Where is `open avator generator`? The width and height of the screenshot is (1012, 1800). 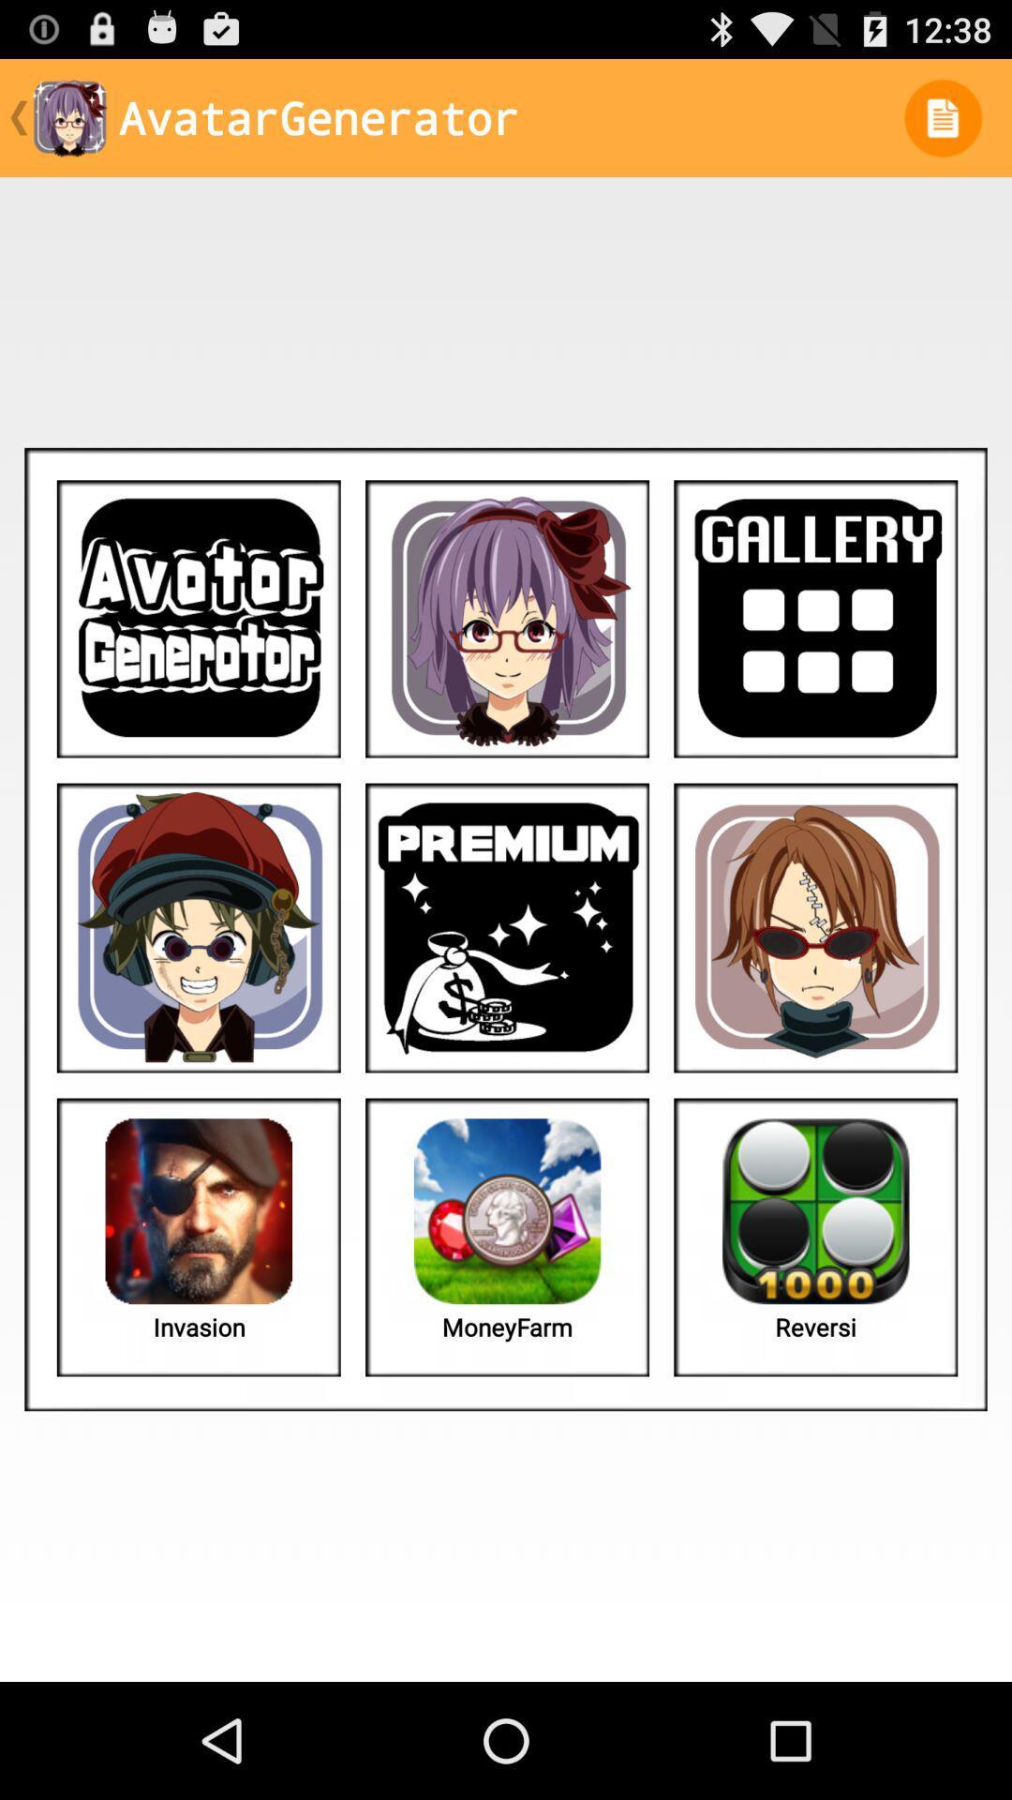 open avator generator is located at coordinates (199, 619).